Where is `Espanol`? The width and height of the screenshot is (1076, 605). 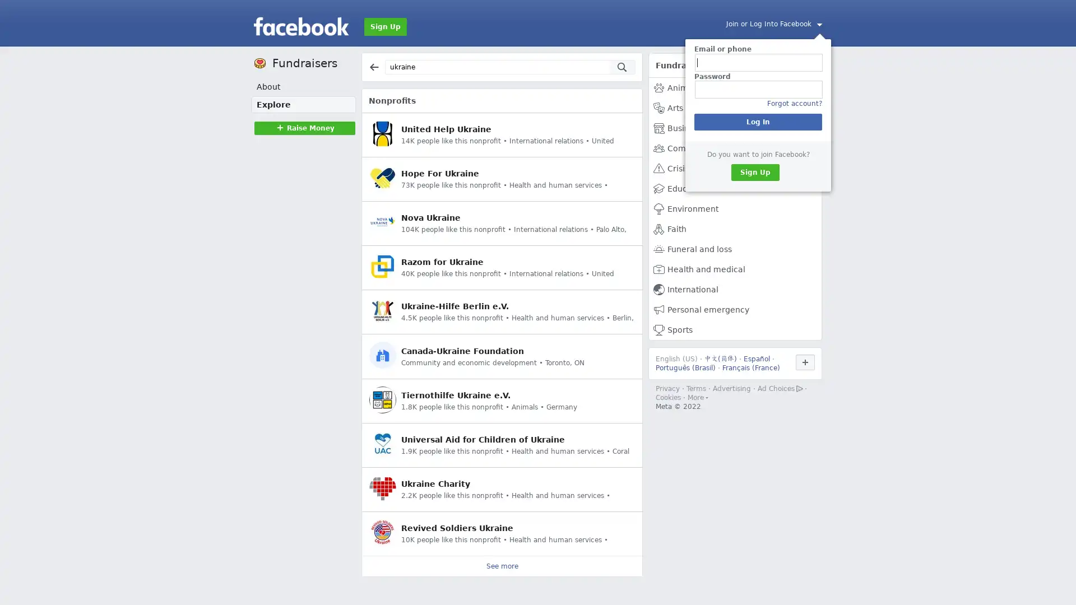 Espanol is located at coordinates (757, 359).